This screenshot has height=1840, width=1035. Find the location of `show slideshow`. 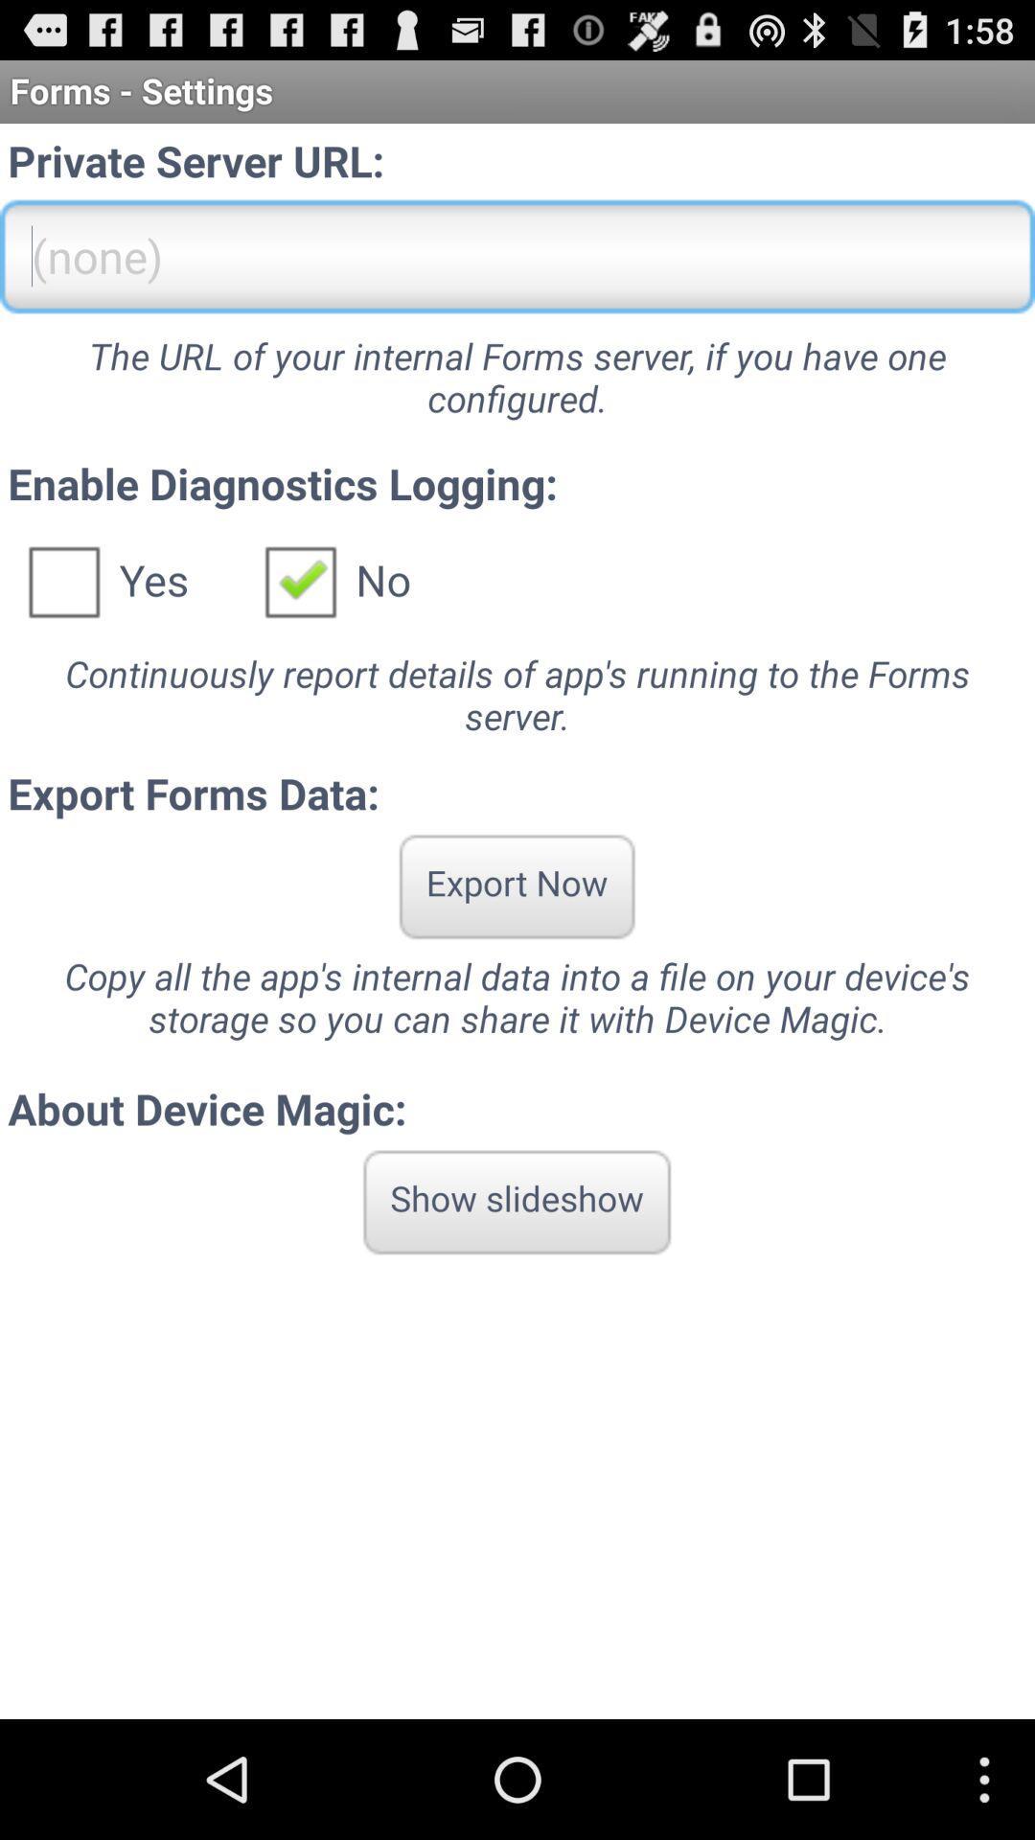

show slideshow is located at coordinates (516, 1201).